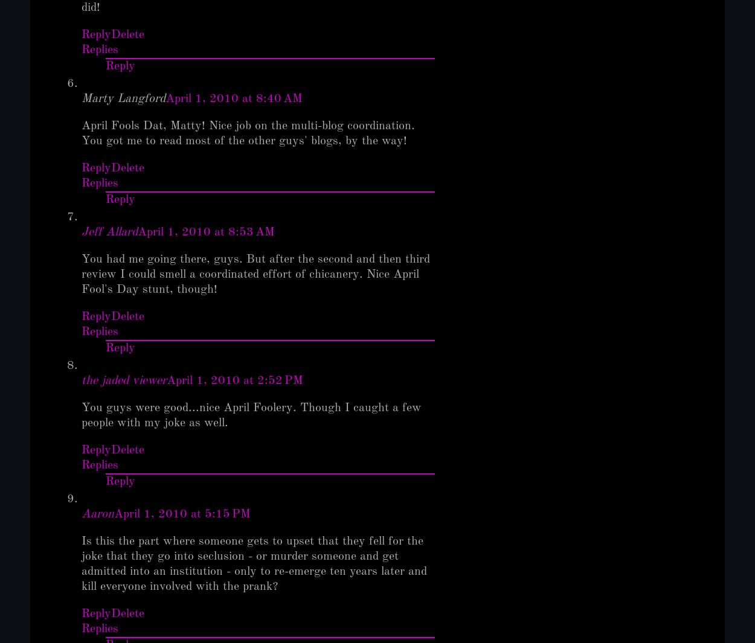 This screenshot has height=643, width=755. Describe the element at coordinates (255, 274) in the screenshot. I see `'You had me going there, guys. But after the second and then third review I could smell a coordinated effort of chicanery. Nice April Fool's Day stunt, though!'` at that location.